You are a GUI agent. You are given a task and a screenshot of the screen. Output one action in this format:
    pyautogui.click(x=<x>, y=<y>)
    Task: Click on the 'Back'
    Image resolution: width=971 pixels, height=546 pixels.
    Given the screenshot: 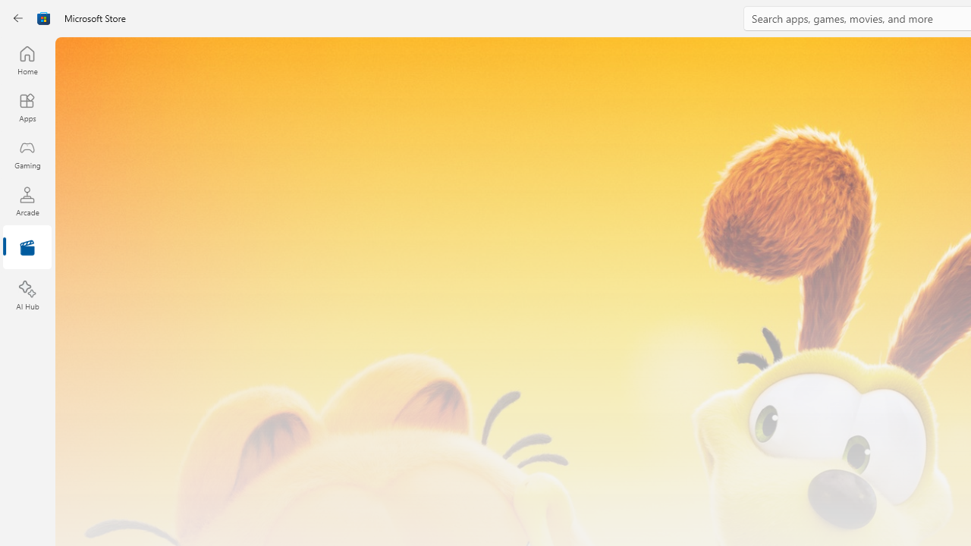 What is the action you would take?
    pyautogui.click(x=18, y=18)
    